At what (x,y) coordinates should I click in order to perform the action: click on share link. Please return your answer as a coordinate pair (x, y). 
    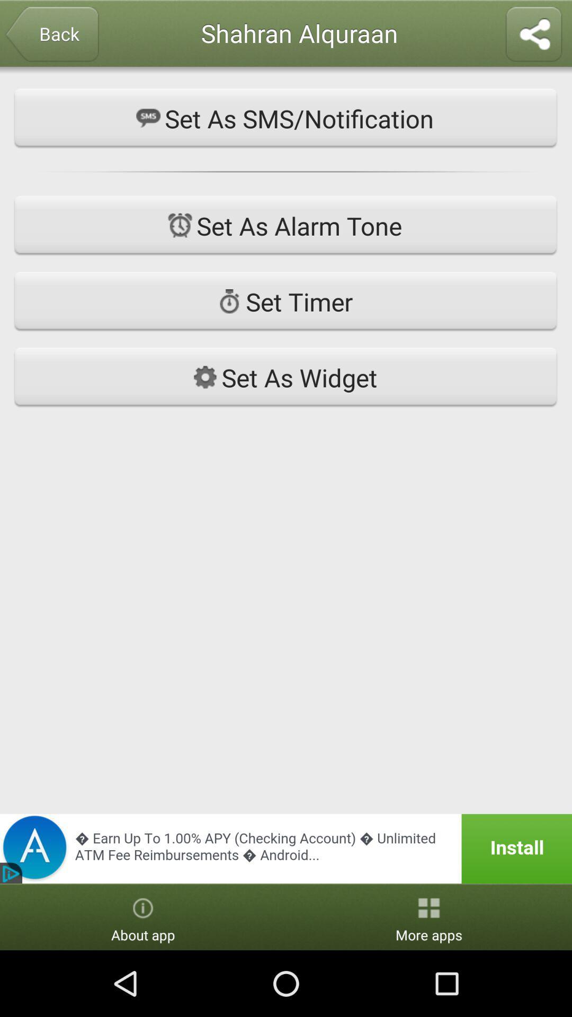
    Looking at the image, I should click on (533, 35).